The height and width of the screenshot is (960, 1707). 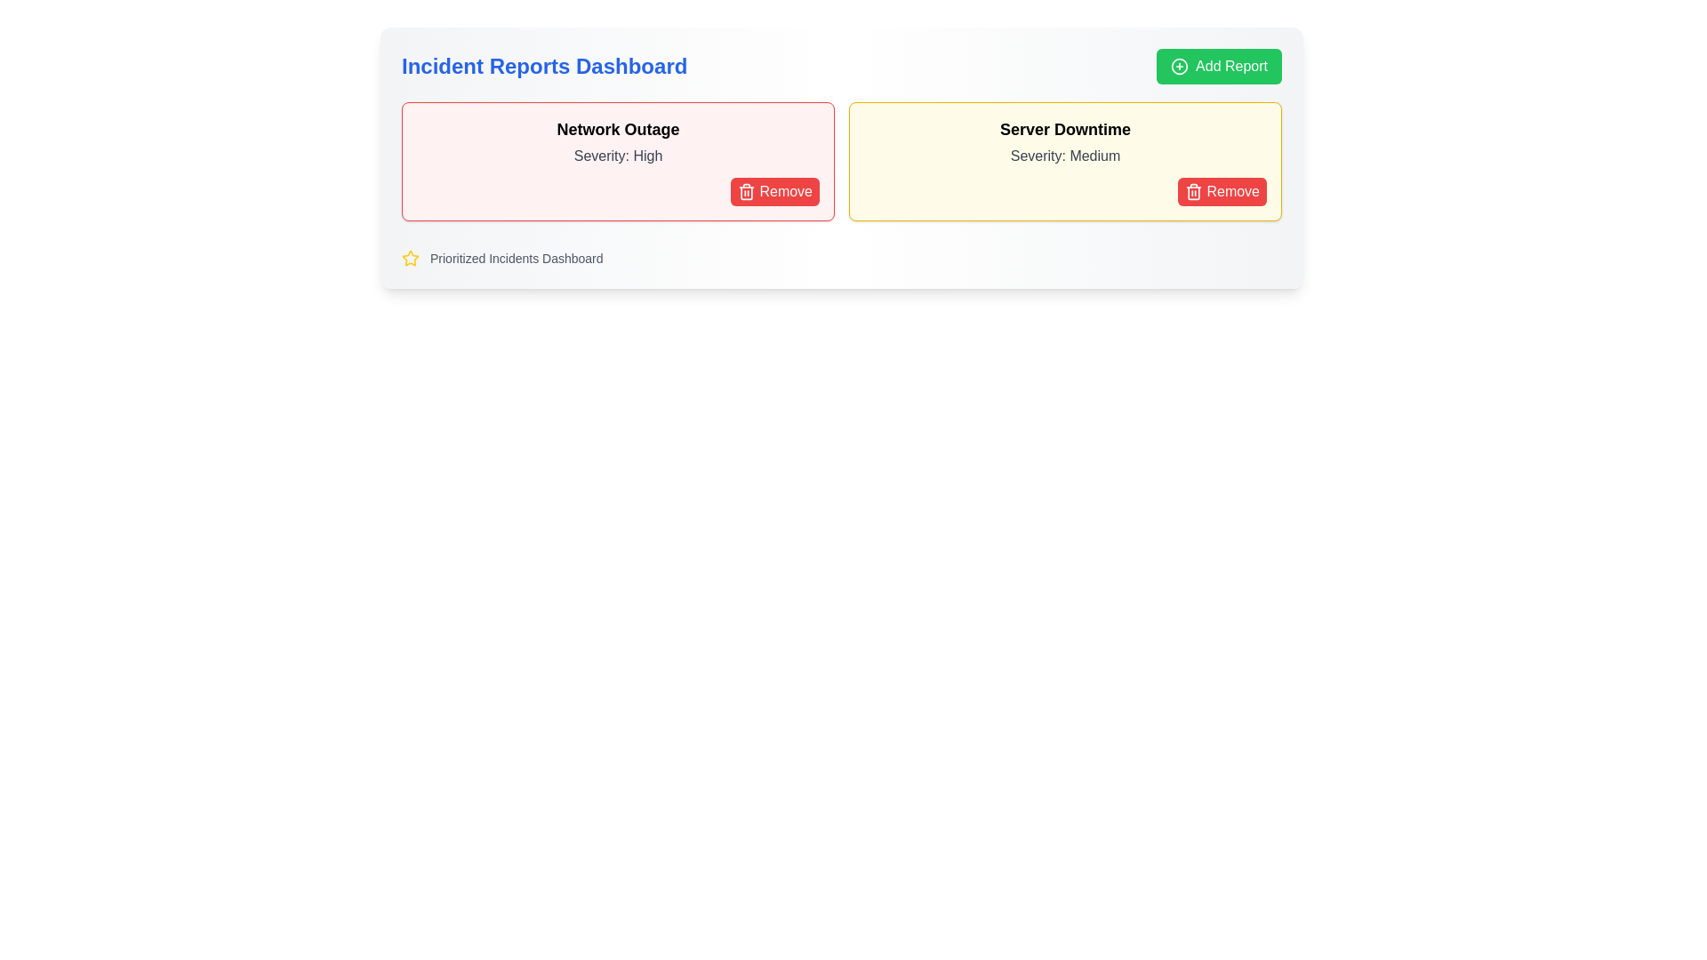 What do you see at coordinates (409, 258) in the screenshot?
I see `the star icon located to the left of the text 'Prioritized Incidents Dashboard' to indicate prioritization of content` at bounding box center [409, 258].